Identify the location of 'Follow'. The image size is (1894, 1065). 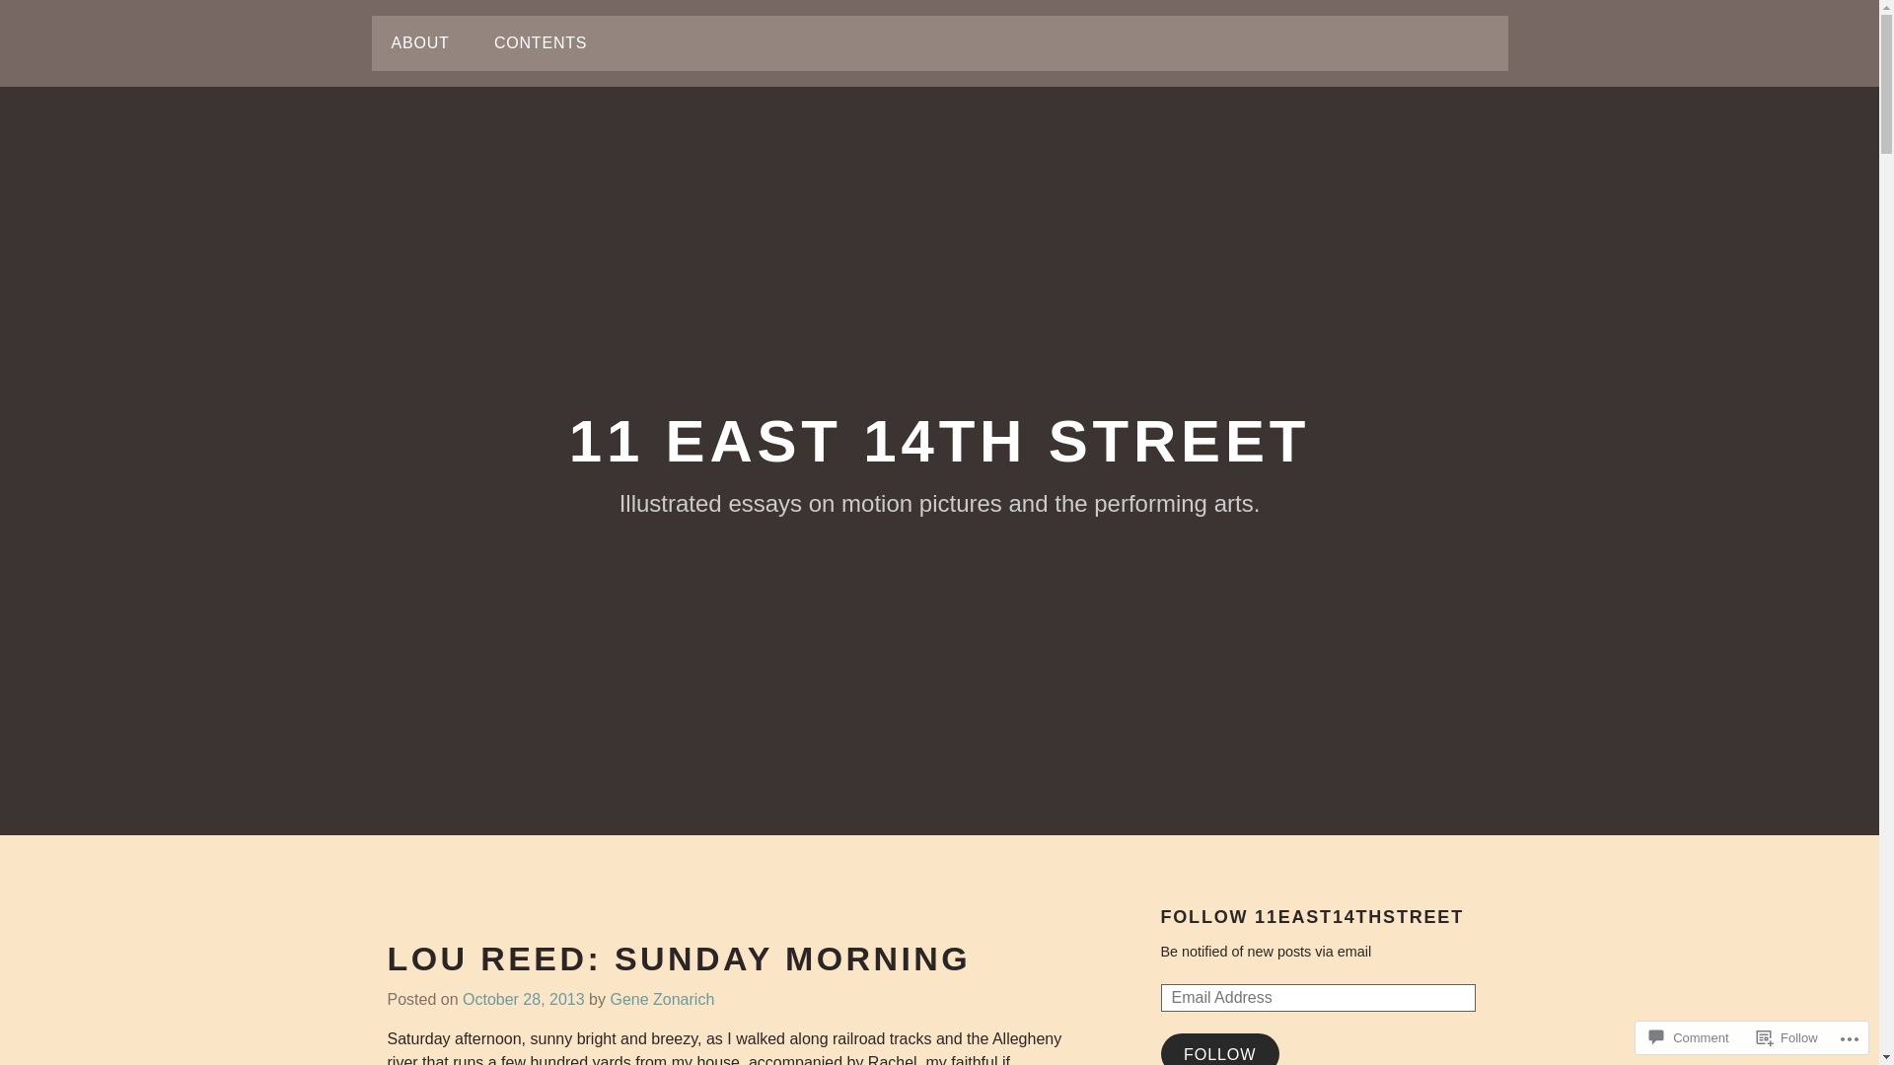
(1748, 1036).